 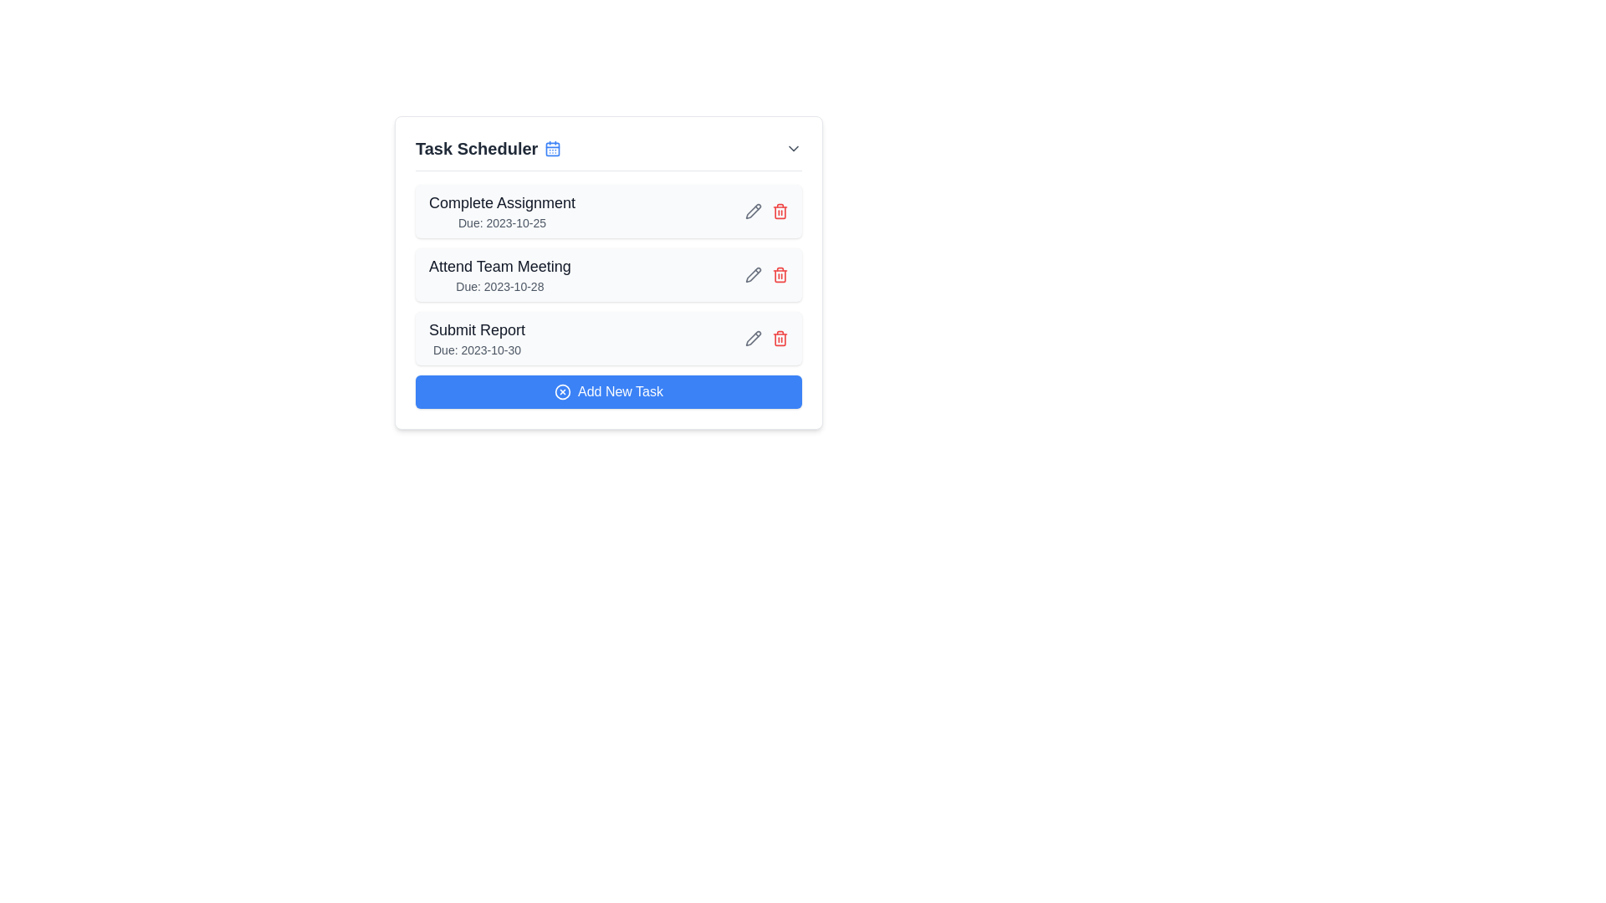 What do you see at coordinates (753, 209) in the screenshot?
I see `the interactive edit icon located in the top-right corner of the 'Complete Assignment' panel row` at bounding box center [753, 209].